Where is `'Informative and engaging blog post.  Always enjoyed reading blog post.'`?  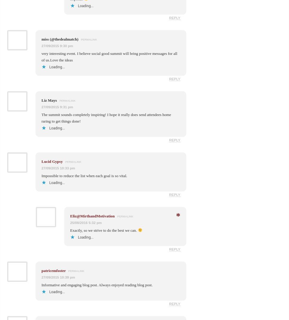
'Informative and engaging blog post.  Always enjoyed reading blog post.' is located at coordinates (97, 284).